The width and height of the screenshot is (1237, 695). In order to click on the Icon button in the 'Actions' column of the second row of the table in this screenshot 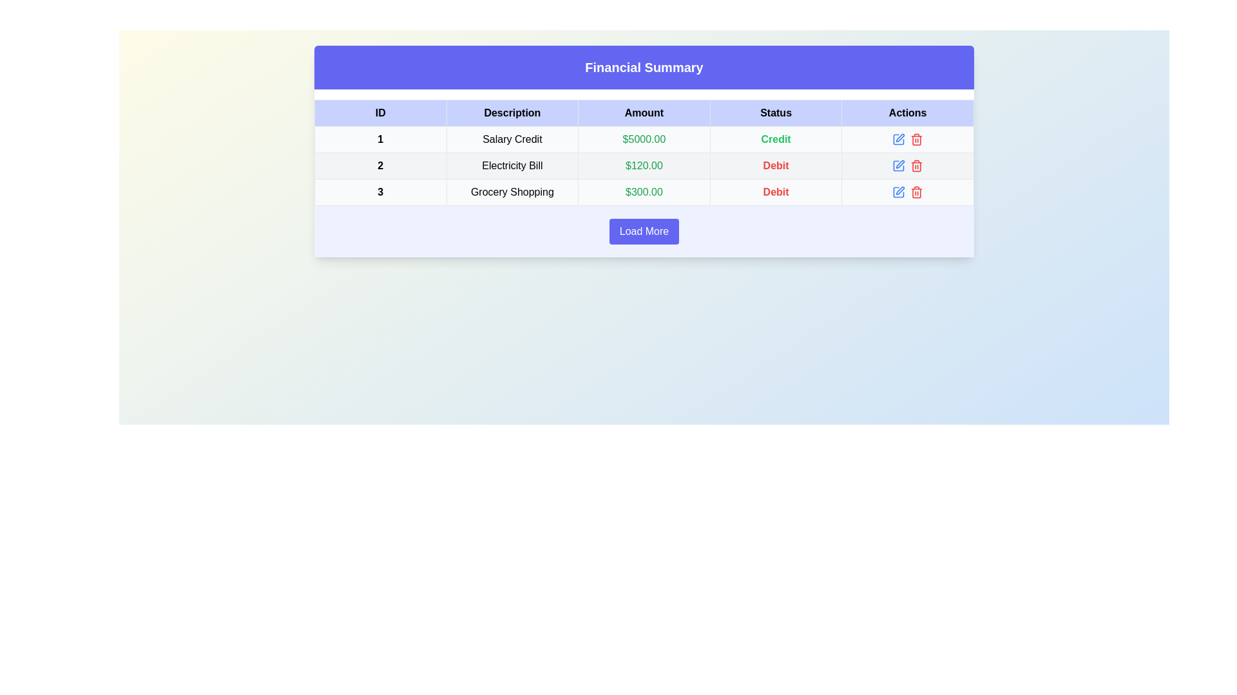, I will do `click(898, 165)`.